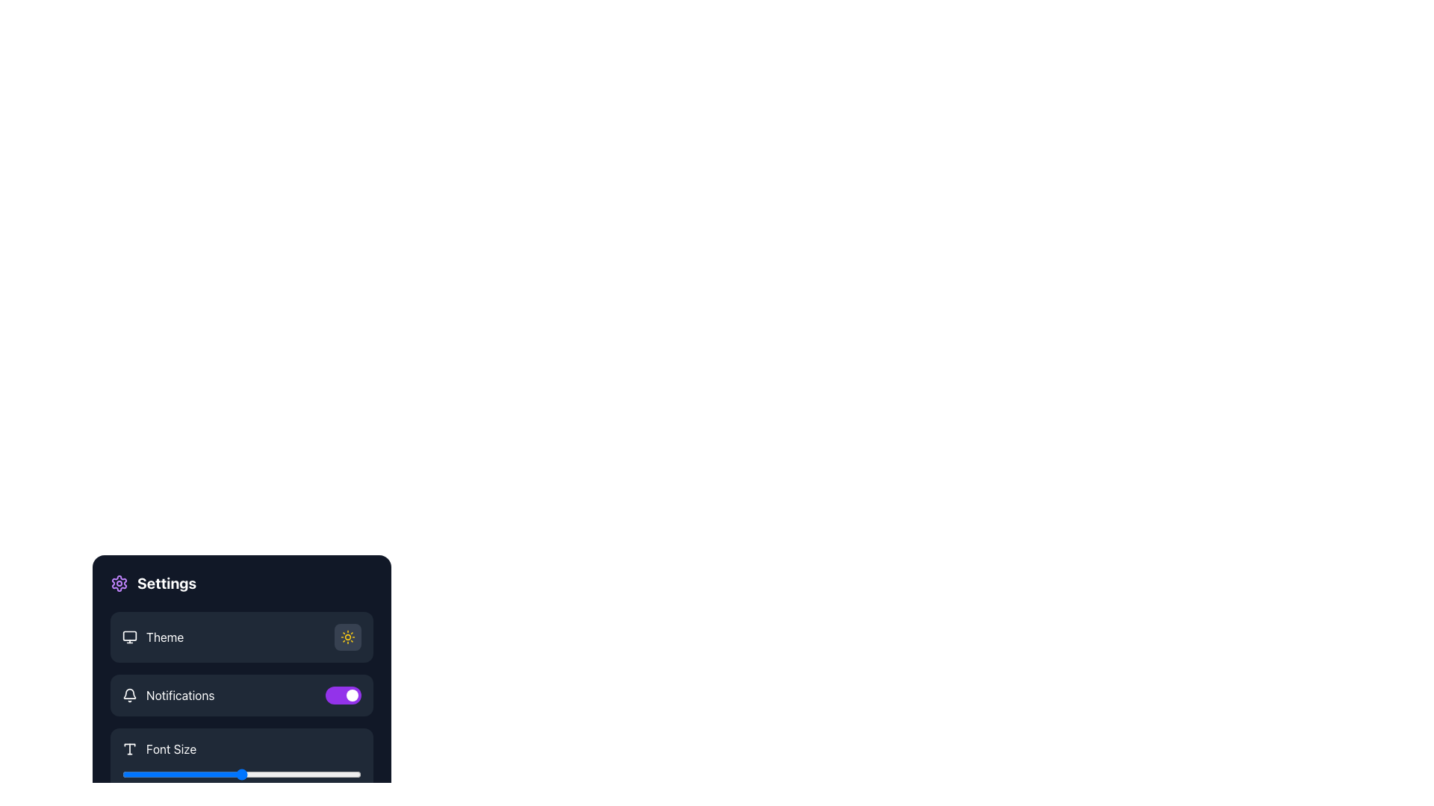  What do you see at coordinates (129, 749) in the screenshot?
I see `the decorative 'Font Size' icon located in the settings menu, positioned directly to the left of the 'Font Size' label` at bounding box center [129, 749].